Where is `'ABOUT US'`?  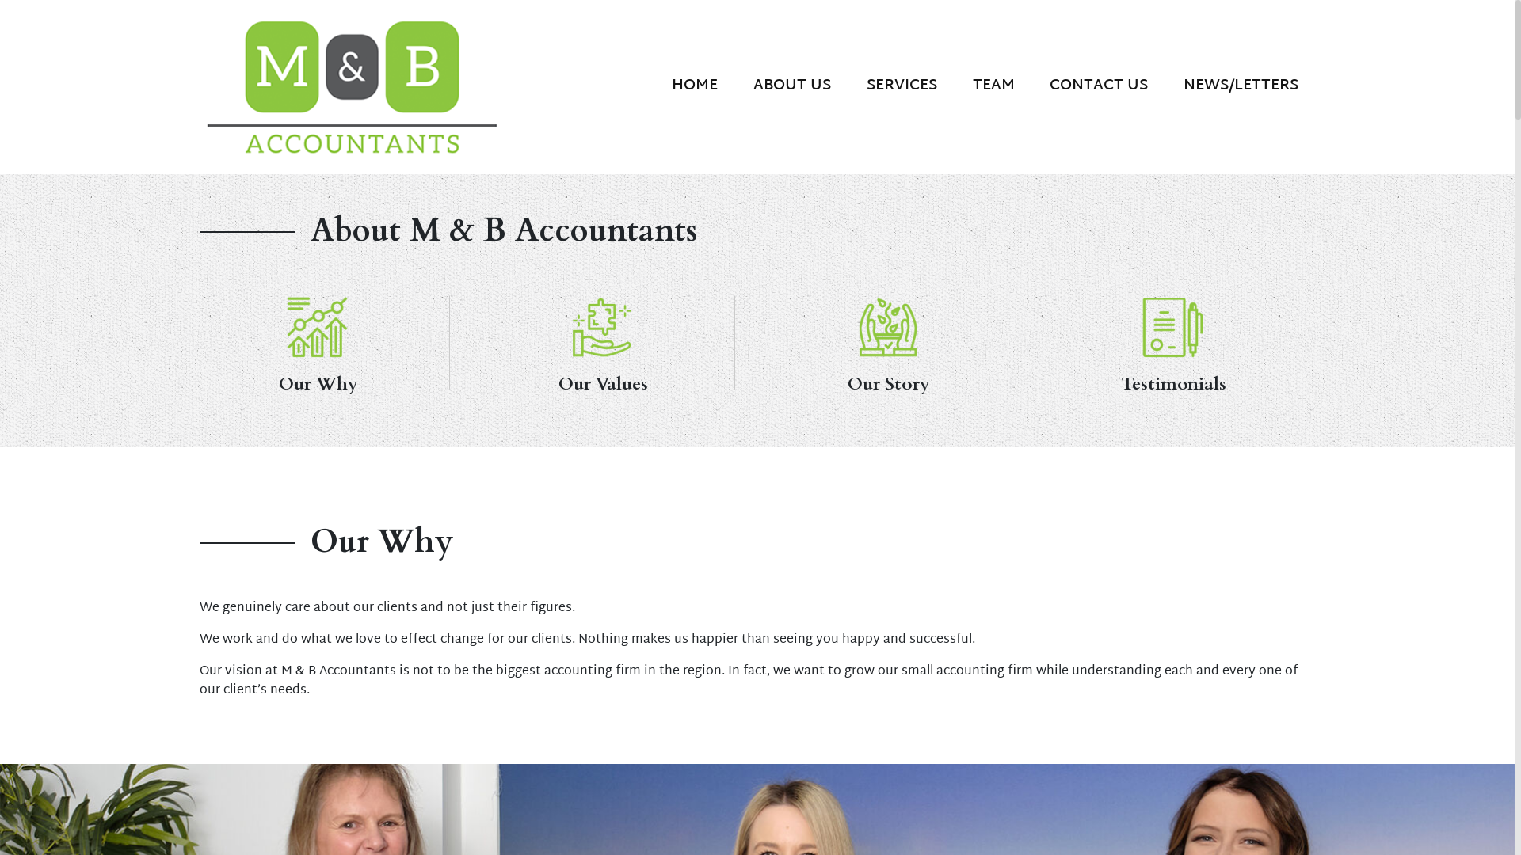 'ABOUT US' is located at coordinates (792, 85).